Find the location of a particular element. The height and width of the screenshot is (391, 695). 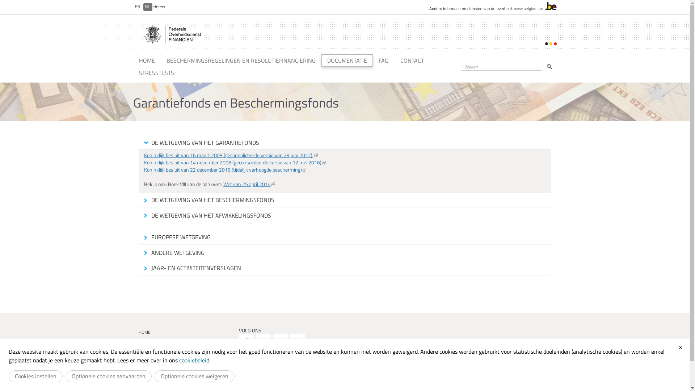

'FR' is located at coordinates (138, 7).